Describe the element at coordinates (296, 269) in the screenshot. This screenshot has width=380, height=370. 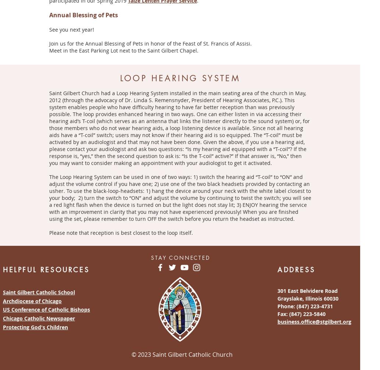
I see `'ADDRESS'` at that location.